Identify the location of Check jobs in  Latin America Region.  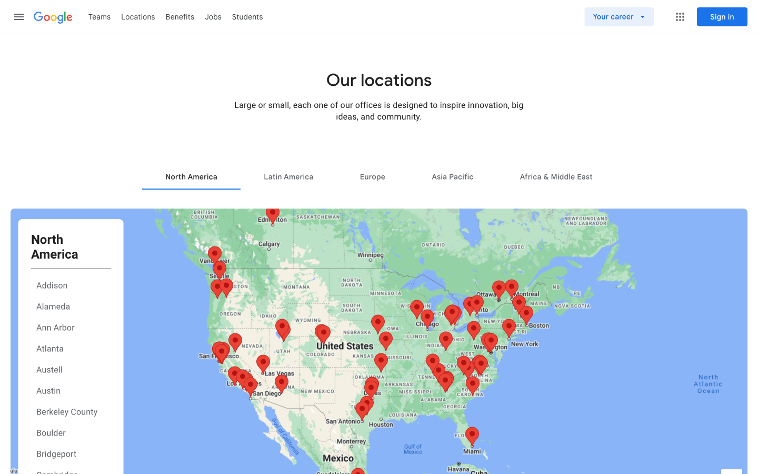
(288, 176).